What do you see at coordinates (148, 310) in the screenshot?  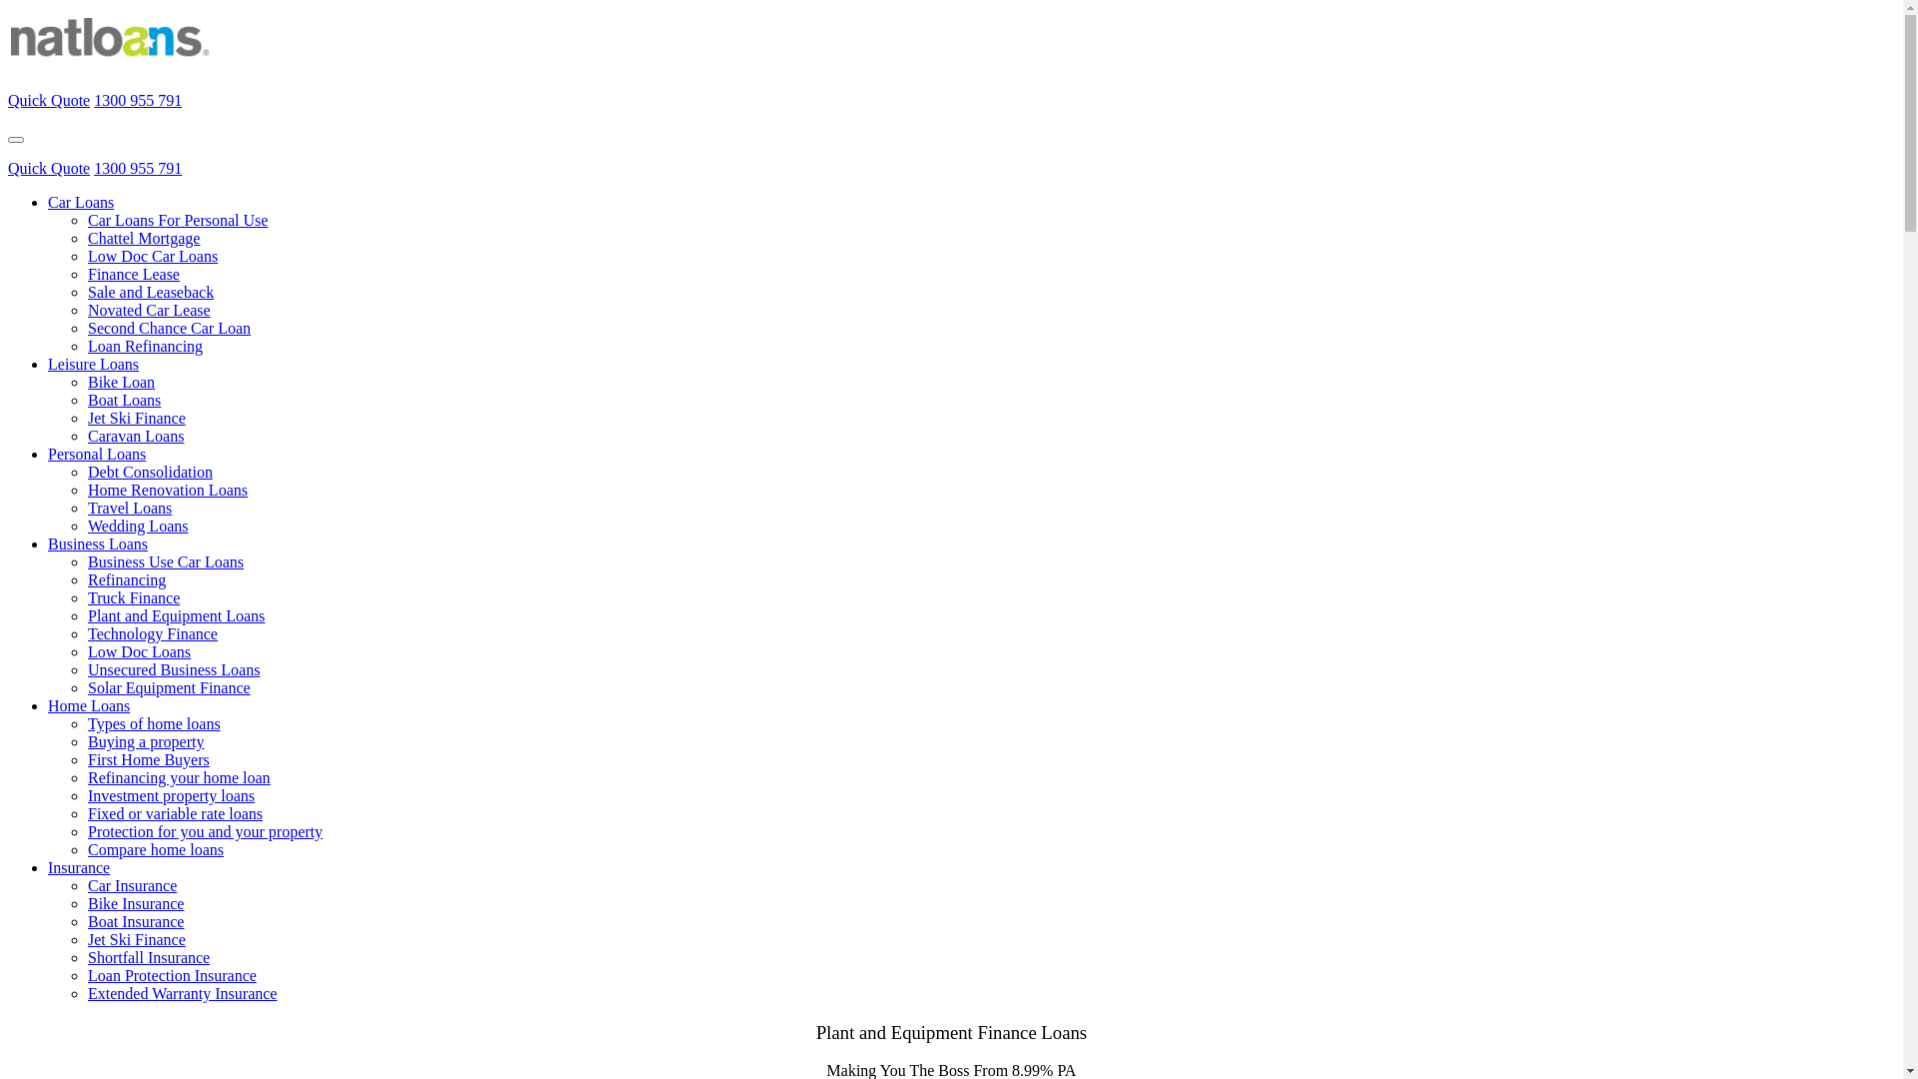 I see `'Novated Car Lease'` at bounding box center [148, 310].